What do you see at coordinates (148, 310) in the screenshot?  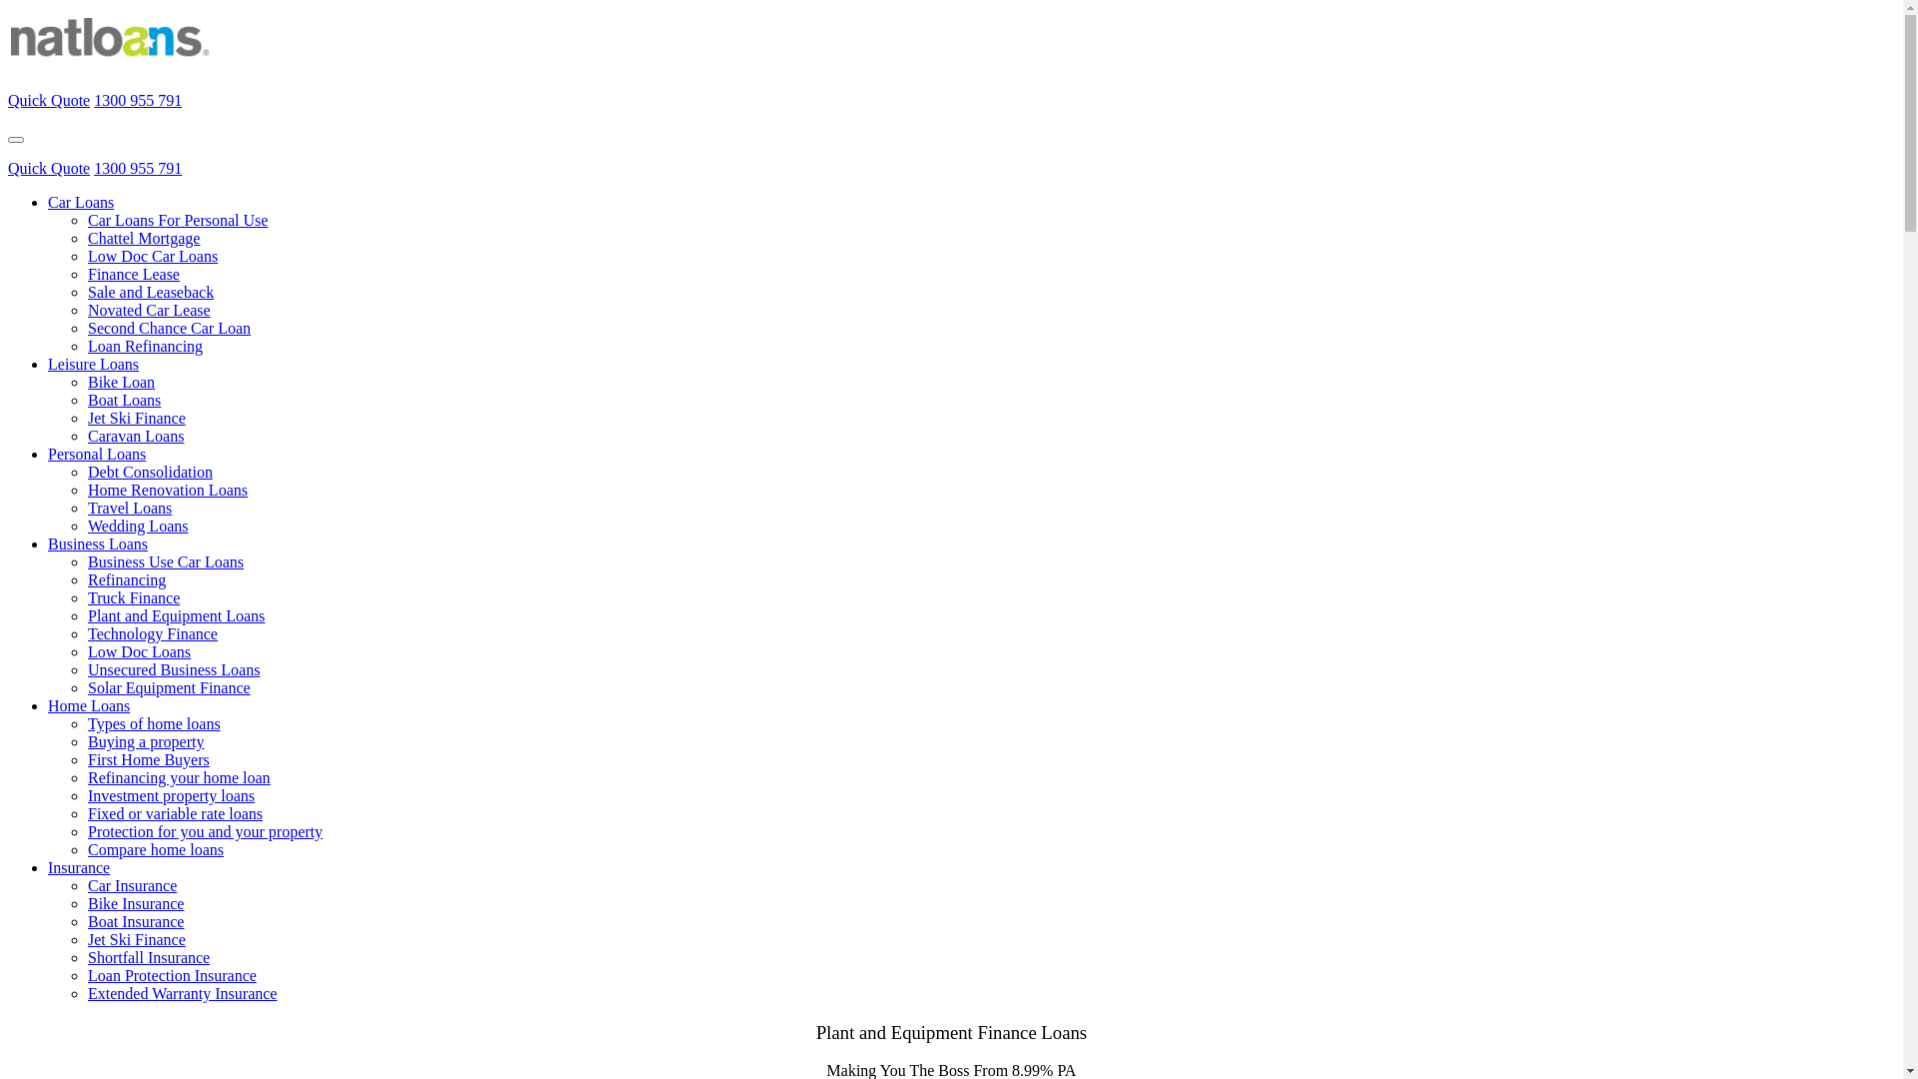 I see `'Novated Car Lease'` at bounding box center [148, 310].